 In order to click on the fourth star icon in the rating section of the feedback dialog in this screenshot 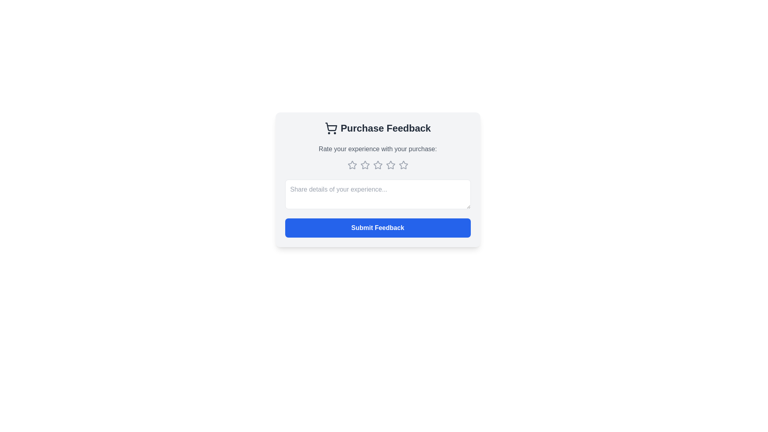, I will do `click(390, 164)`.